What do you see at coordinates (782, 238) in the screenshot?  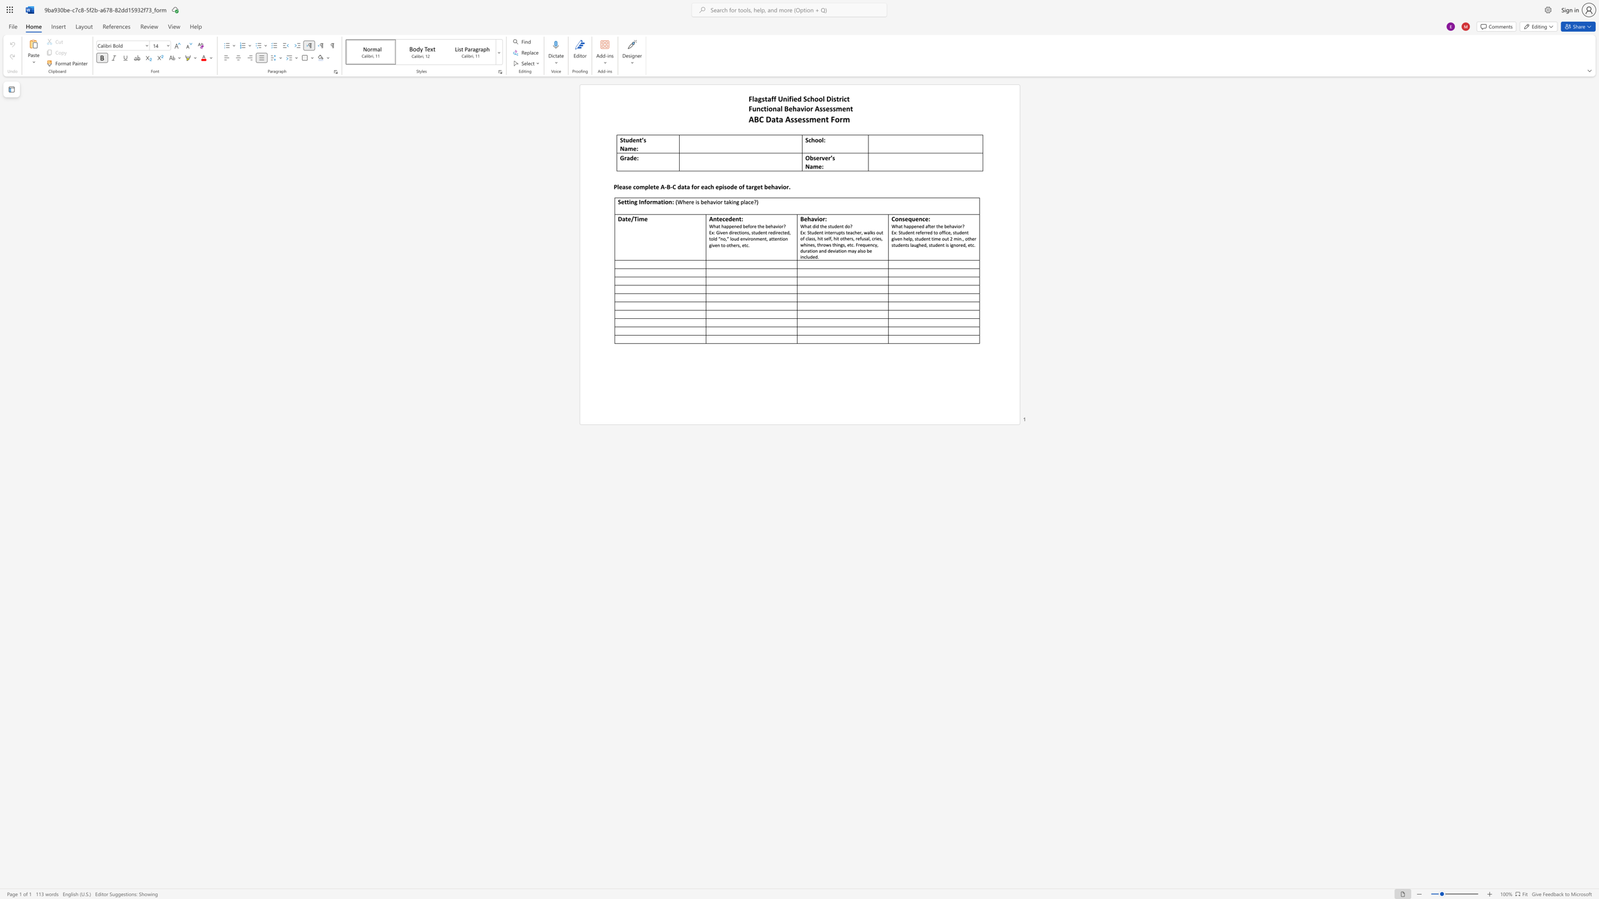 I see `the subset text "on given to othe" within the text "loud environment, attention given to others, etc."` at bounding box center [782, 238].